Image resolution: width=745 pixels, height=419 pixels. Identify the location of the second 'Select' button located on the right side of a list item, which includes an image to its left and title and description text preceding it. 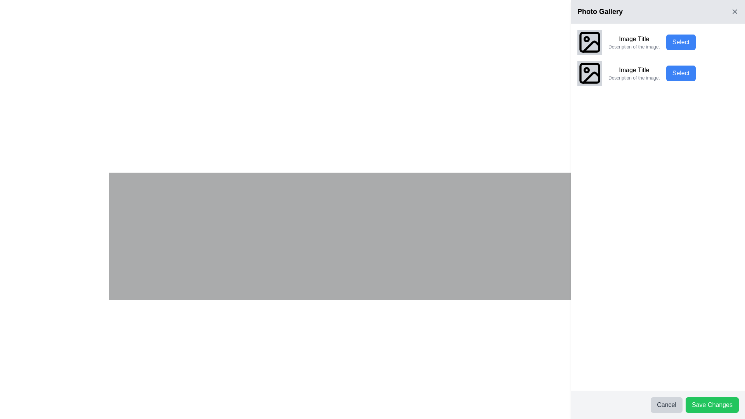
(680, 73).